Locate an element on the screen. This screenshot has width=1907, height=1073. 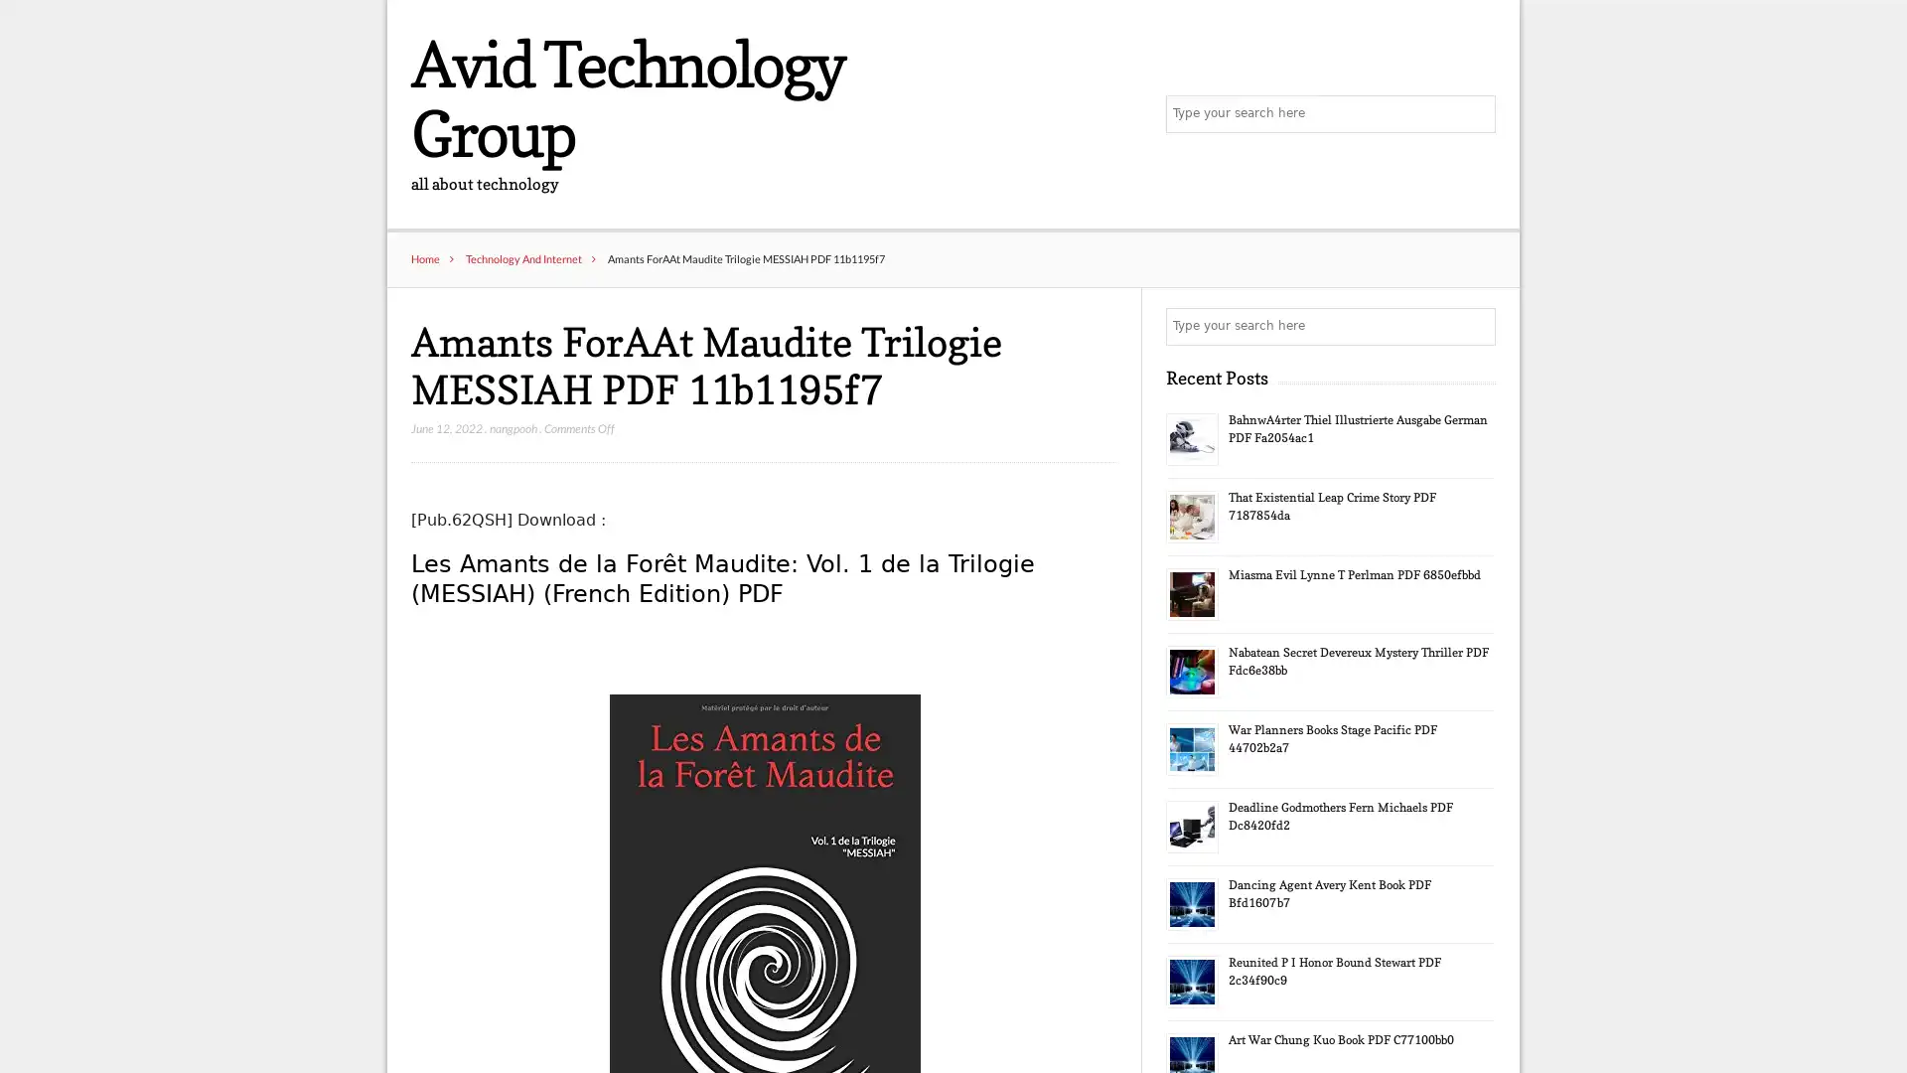
Search is located at coordinates (1475, 327).